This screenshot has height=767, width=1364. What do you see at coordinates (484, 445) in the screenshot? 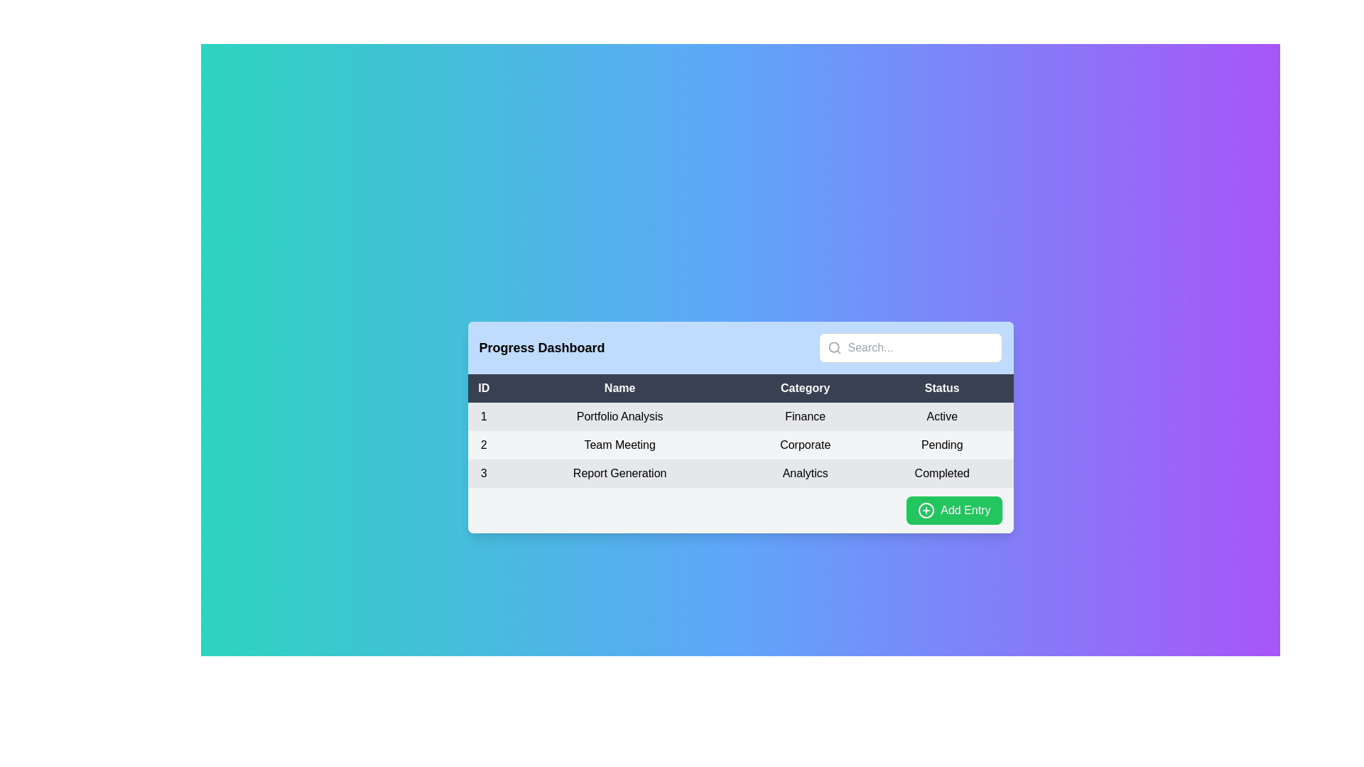
I see `the text label displaying the number '2' in black text, located in the 'ID' column of the 'Progress Dashboard' table, in the second row under 'Team Meeting'` at bounding box center [484, 445].